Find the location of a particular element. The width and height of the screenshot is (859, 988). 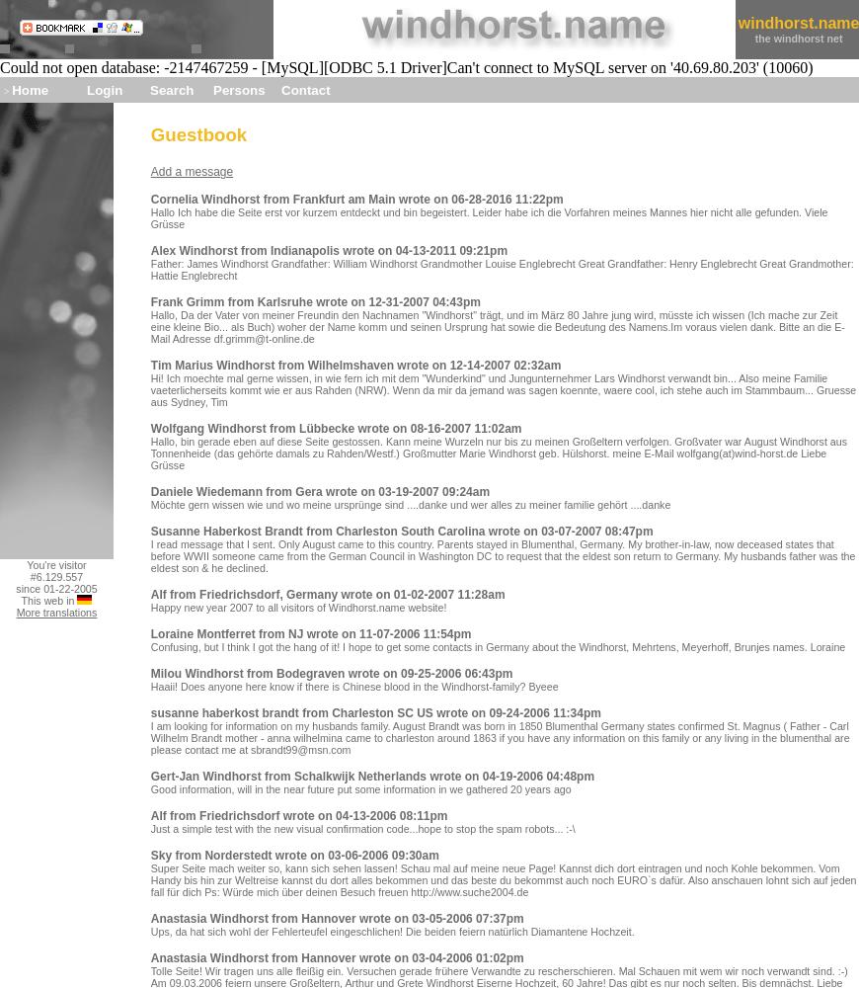

'Daniele Wiedemann from Gera wrote on 03-19-2007 09:24am' is located at coordinates (319, 491).